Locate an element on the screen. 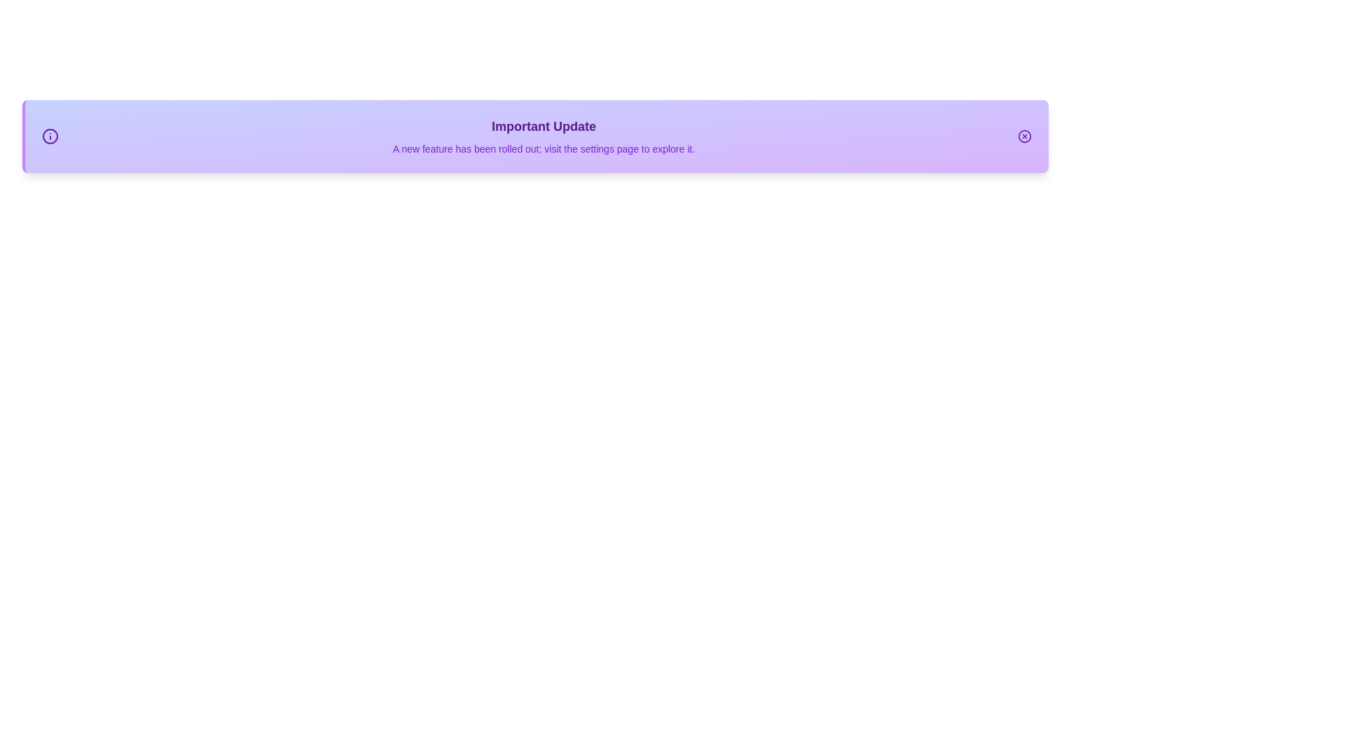 The width and height of the screenshot is (1345, 756). the informational icon in the notification component is located at coordinates (50, 136).